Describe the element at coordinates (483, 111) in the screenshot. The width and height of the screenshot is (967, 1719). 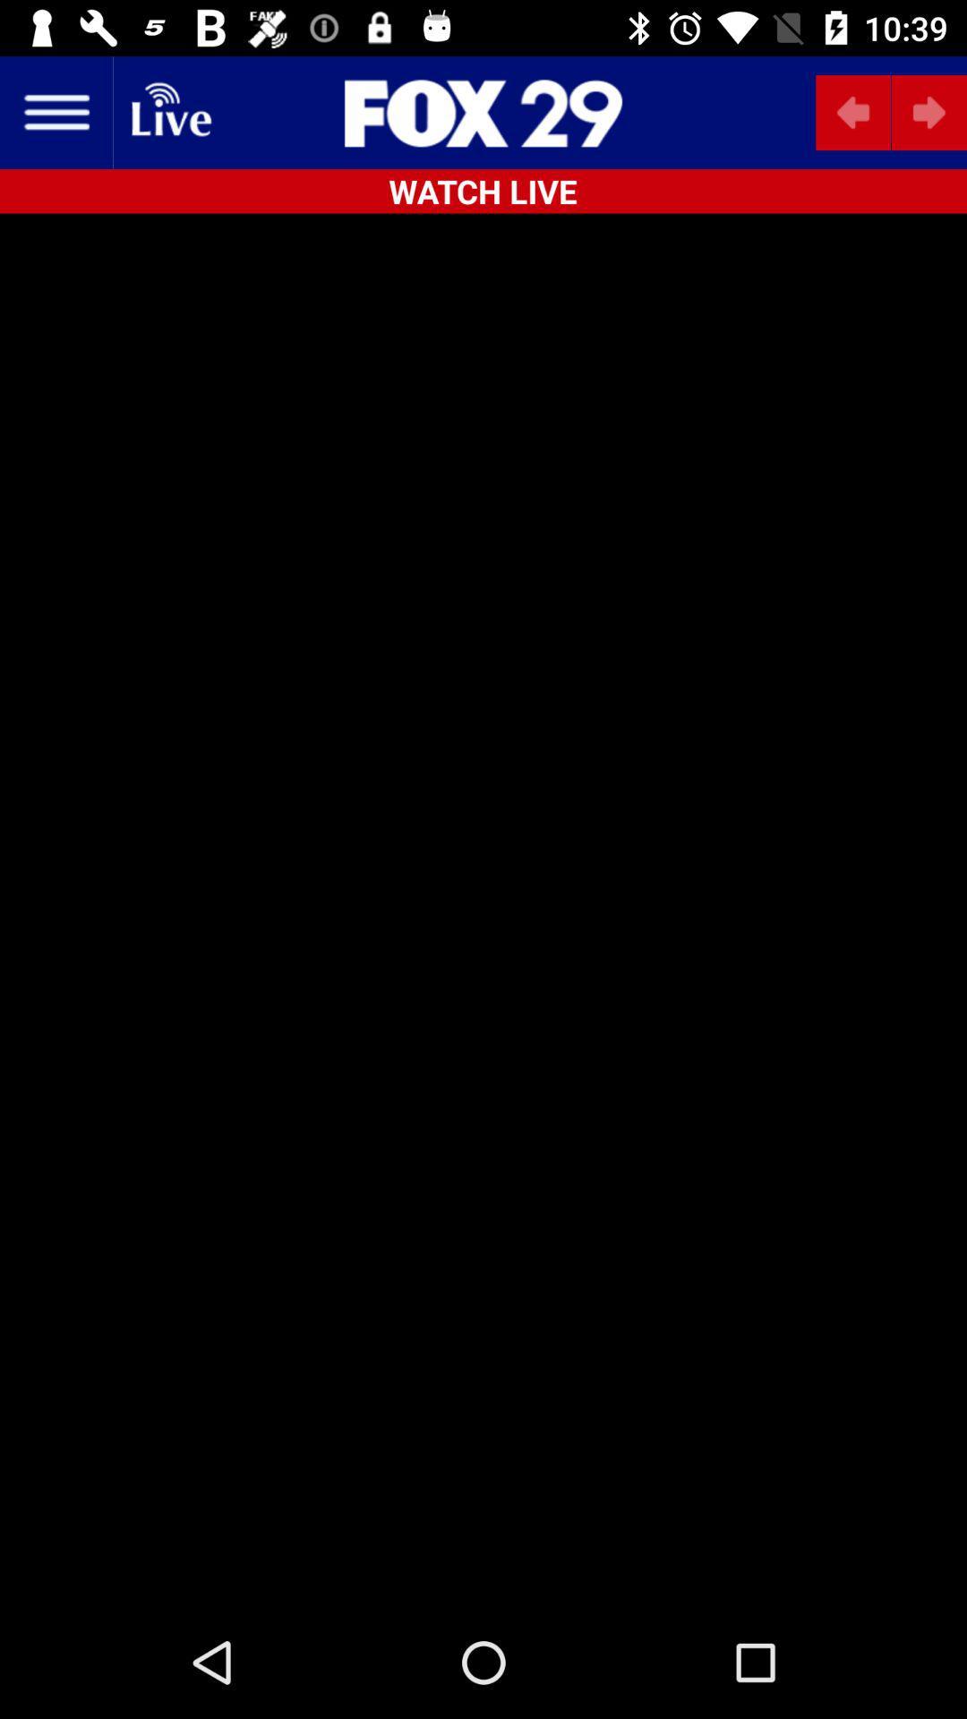
I see `the sliders icon` at that location.